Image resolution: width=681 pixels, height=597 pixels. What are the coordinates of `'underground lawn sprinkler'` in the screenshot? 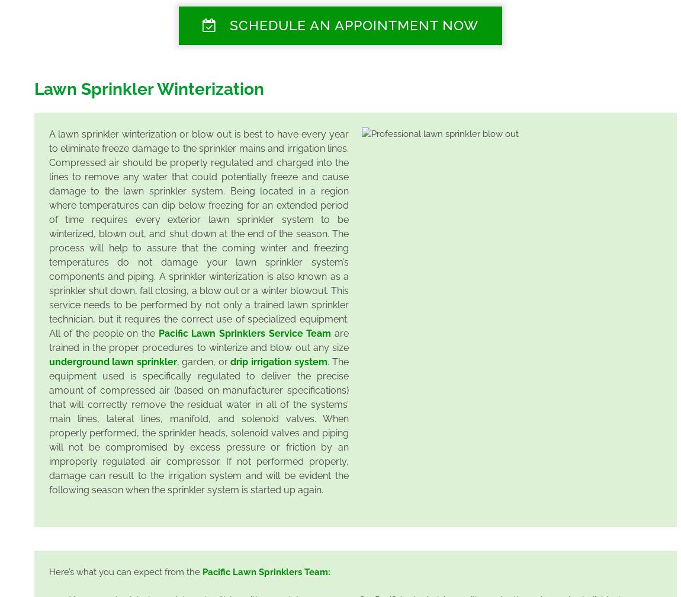 It's located at (111, 360).